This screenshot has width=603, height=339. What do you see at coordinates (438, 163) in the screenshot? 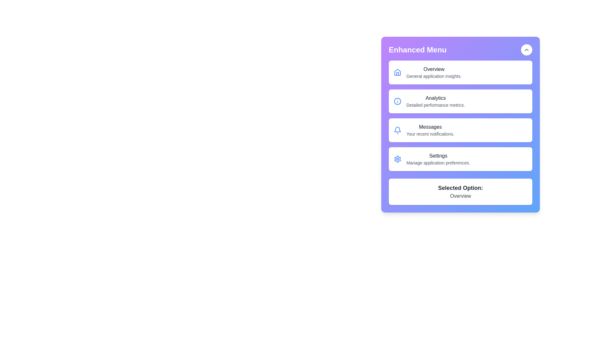
I see `the static text label reading 'Manage application preferences.' which is positioned below the title 'Settings' in the menu card` at bounding box center [438, 163].